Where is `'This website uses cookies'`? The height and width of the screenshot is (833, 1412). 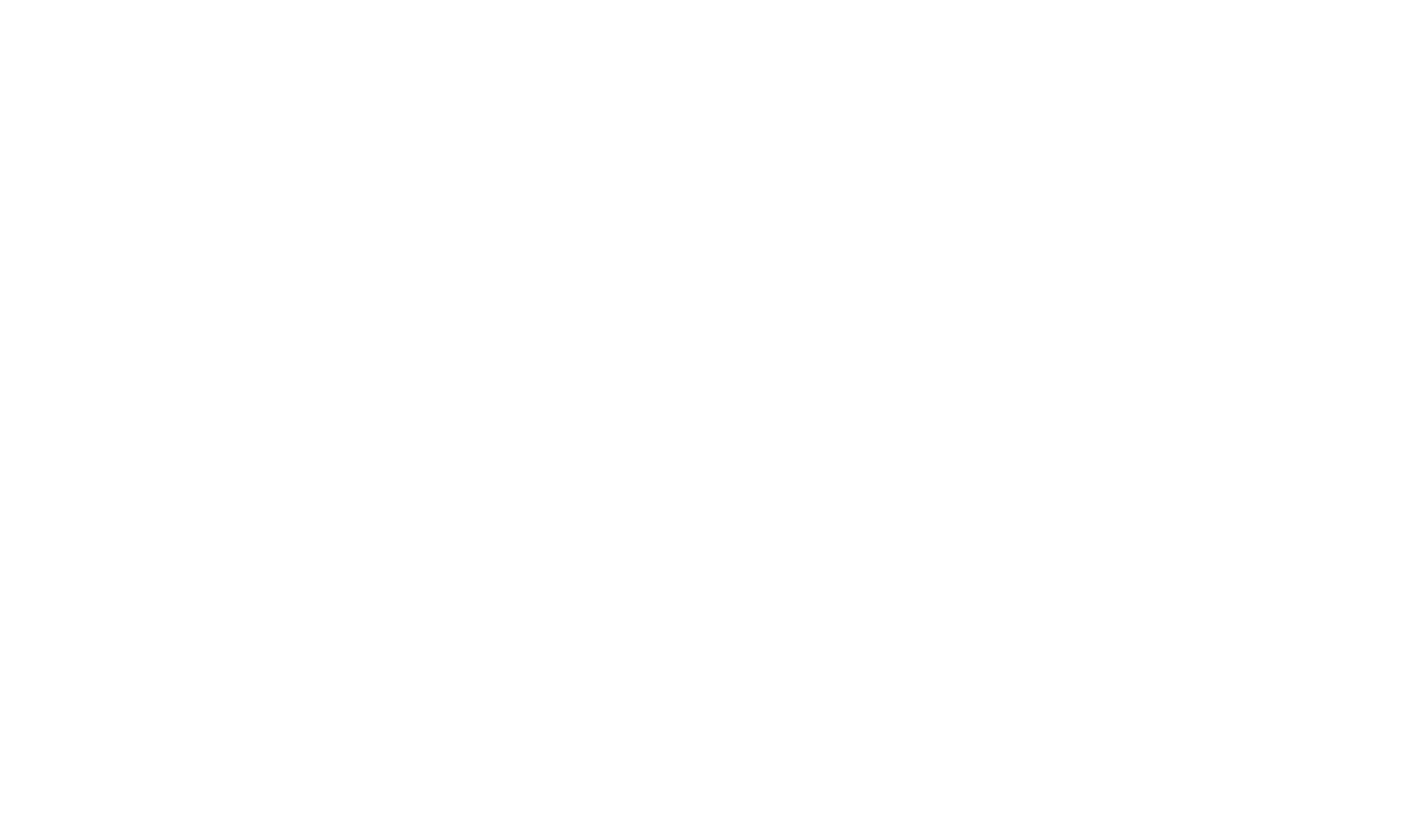
'This website uses cookies' is located at coordinates (310, 692).